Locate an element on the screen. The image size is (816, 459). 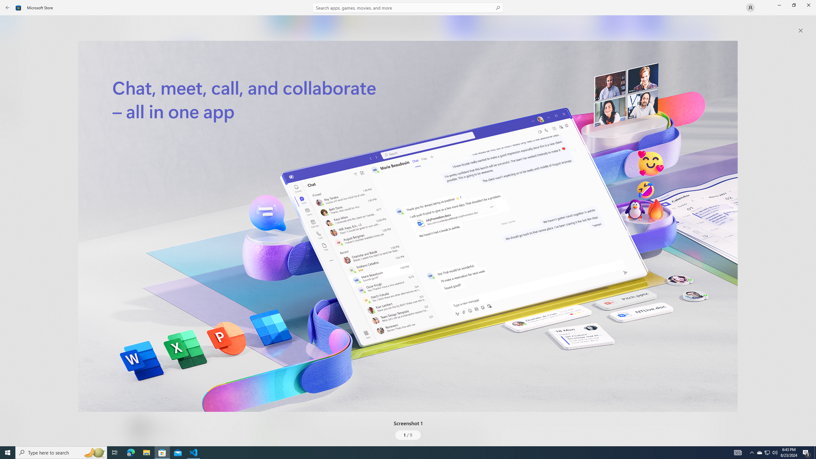
'close popup window' is located at coordinates (800, 30).